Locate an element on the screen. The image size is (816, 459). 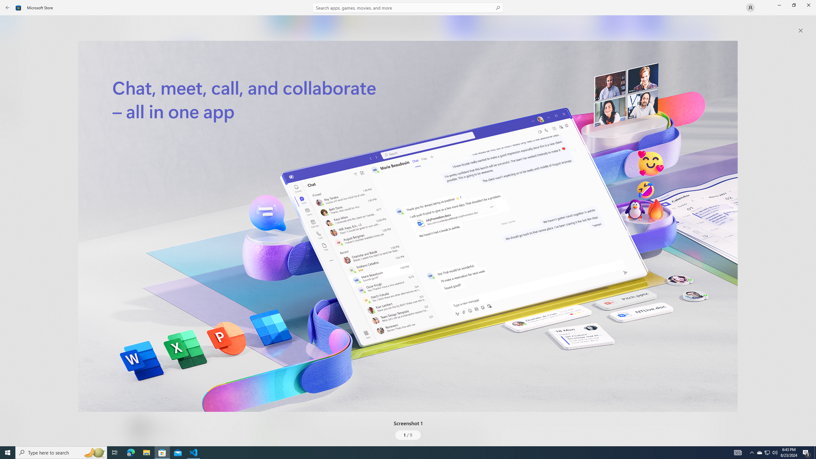
'close popup window' is located at coordinates (800, 30).